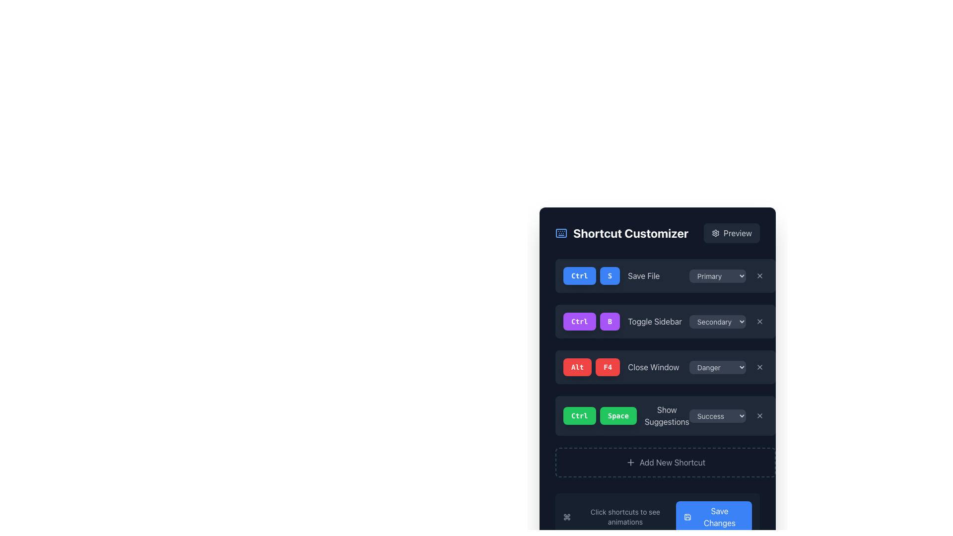 The image size is (953, 536). Describe the element at coordinates (665, 367) in the screenshot. I see `the third keyboard shortcut entry labeled 'Alt' and 'F4' with the description 'Close Window' and a 'Danger' dropdown in the right-side panel` at that location.